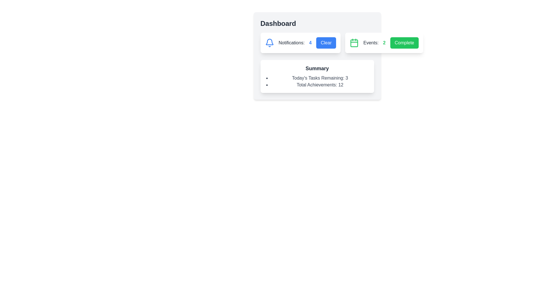 The image size is (545, 307). I want to click on the 'Summary' heading text, which is styled in bold and larger than adjacent text, to use it as a visual reference for the section, so click(317, 68).